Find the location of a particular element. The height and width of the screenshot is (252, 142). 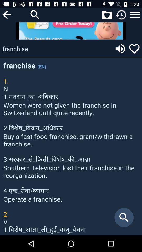

the search icon is located at coordinates (35, 14).